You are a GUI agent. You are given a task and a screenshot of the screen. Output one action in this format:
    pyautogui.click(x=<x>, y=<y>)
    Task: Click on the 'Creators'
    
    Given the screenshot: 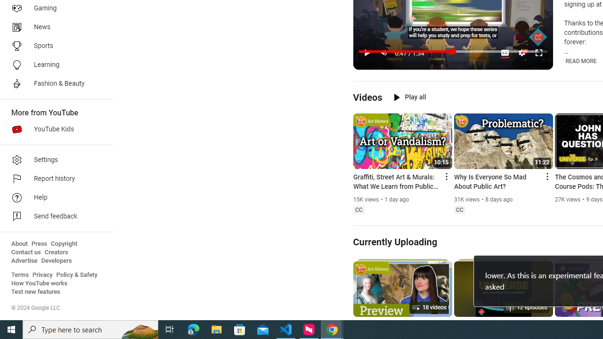 What is the action you would take?
    pyautogui.click(x=56, y=252)
    